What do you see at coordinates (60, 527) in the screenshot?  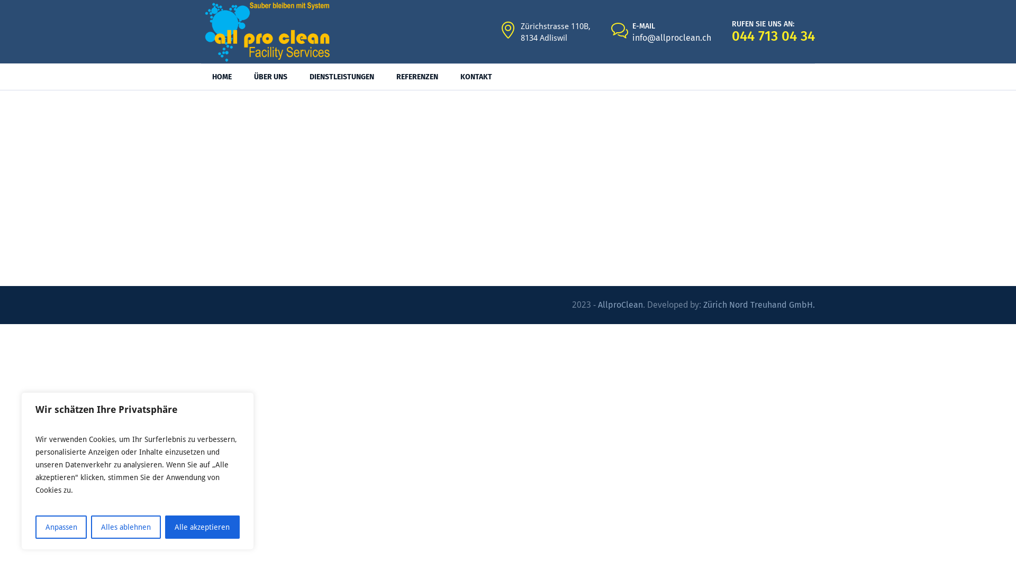 I see `'Anpassen'` at bounding box center [60, 527].